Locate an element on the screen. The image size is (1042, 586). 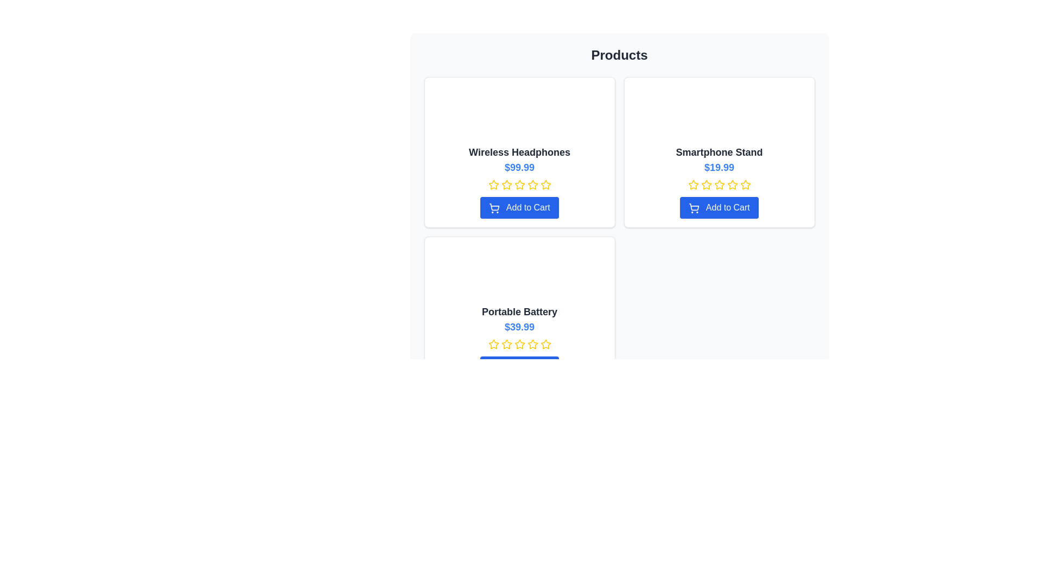
the second star icon in the rating system for the product 'Portable Battery' is located at coordinates (506, 344).